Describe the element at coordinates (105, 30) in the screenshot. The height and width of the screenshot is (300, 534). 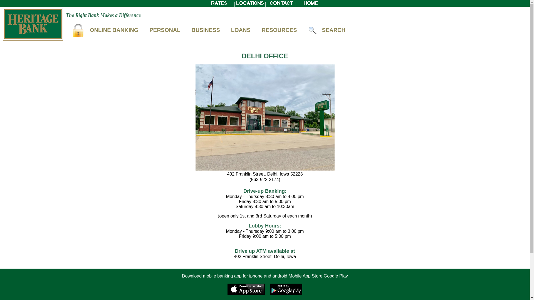
I see `'ONLINE BANKING'` at that location.